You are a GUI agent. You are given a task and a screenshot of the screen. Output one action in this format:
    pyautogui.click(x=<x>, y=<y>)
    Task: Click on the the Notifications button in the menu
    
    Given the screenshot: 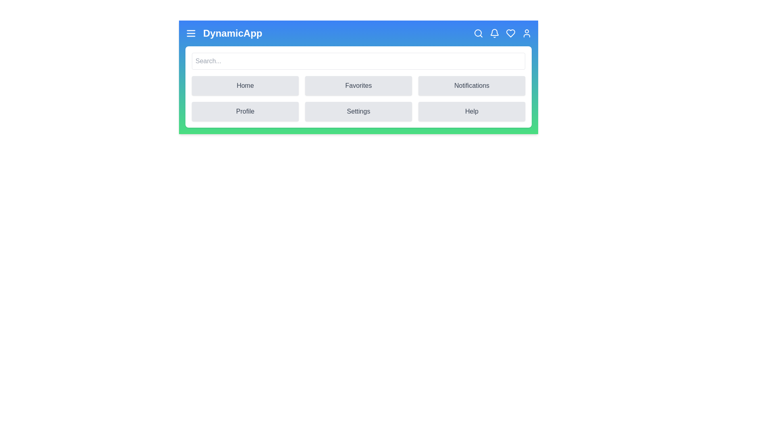 What is the action you would take?
    pyautogui.click(x=472, y=85)
    